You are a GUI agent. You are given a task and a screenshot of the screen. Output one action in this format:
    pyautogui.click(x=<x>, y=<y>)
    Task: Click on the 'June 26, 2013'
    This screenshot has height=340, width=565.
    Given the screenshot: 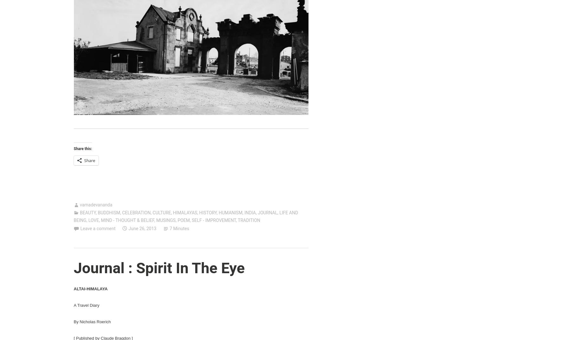 What is the action you would take?
    pyautogui.click(x=142, y=228)
    